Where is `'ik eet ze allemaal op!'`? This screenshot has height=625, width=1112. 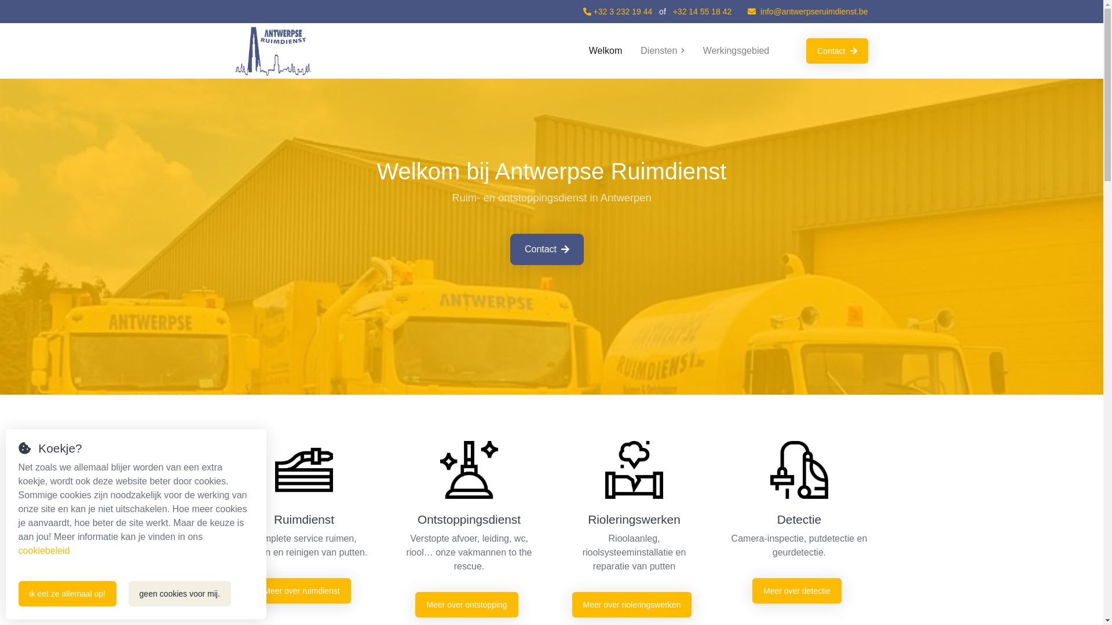
'ik eet ze allemaal op!' is located at coordinates (67, 594).